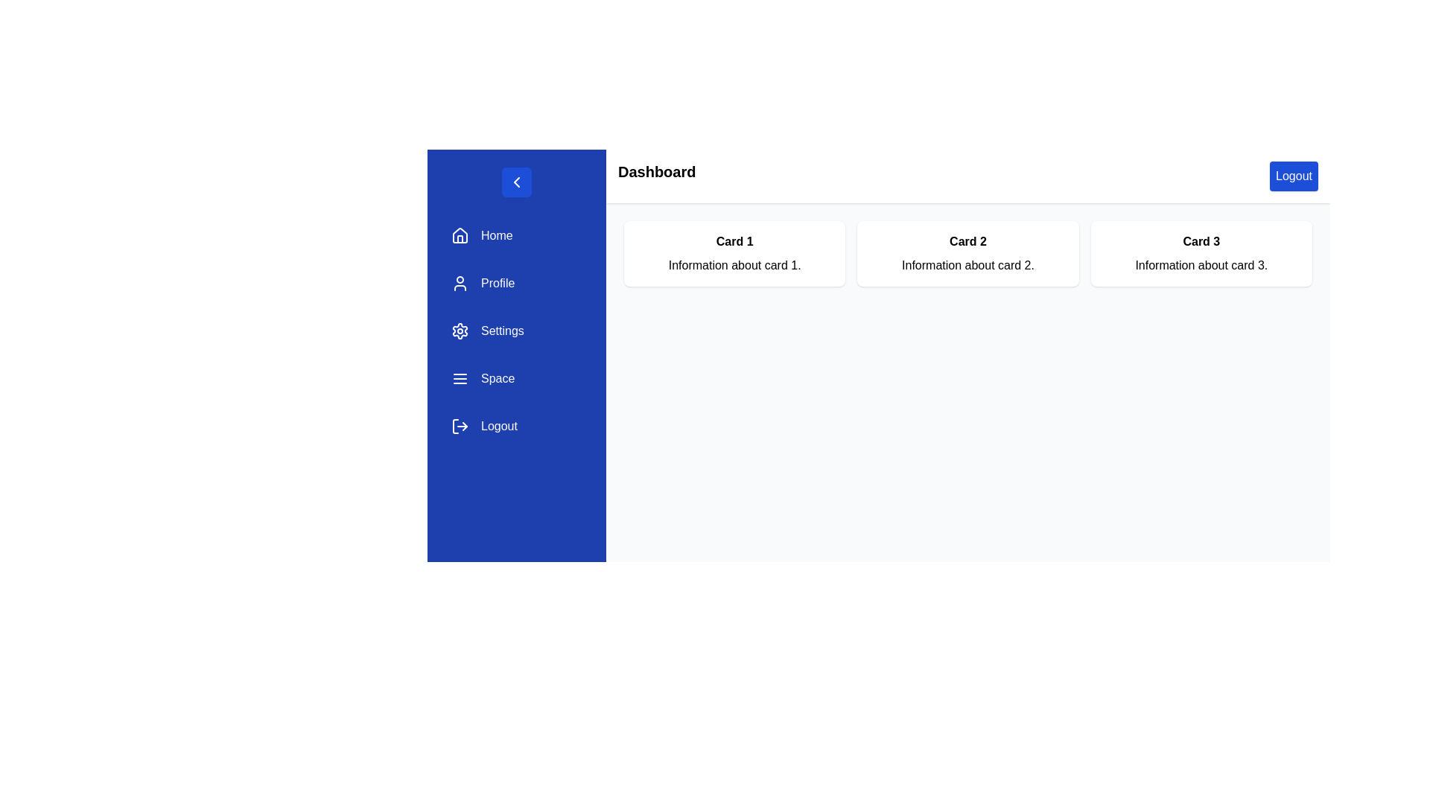  I want to click on the 'Dashboard' header label, so click(656, 175).